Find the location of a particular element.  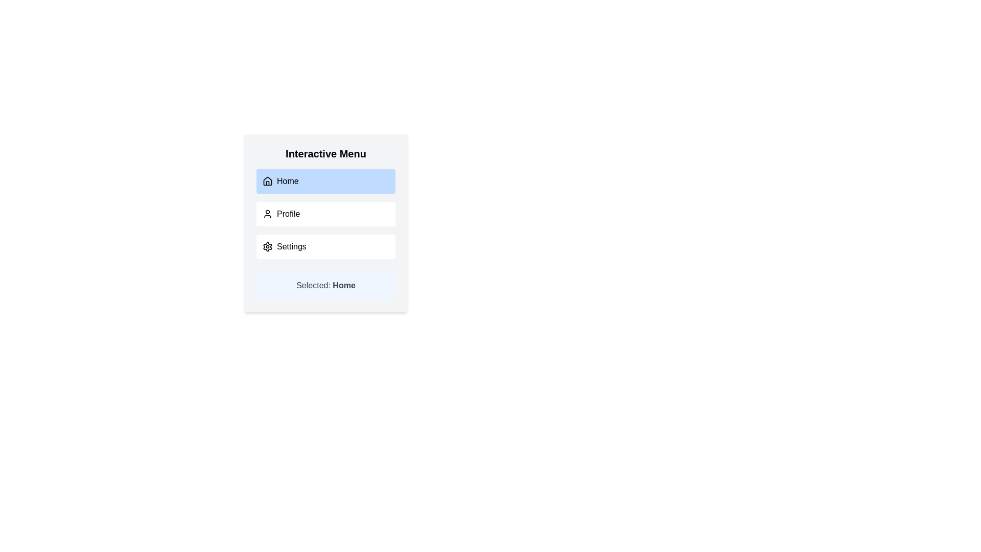

the 'Profile' icon is located at coordinates (267, 214).